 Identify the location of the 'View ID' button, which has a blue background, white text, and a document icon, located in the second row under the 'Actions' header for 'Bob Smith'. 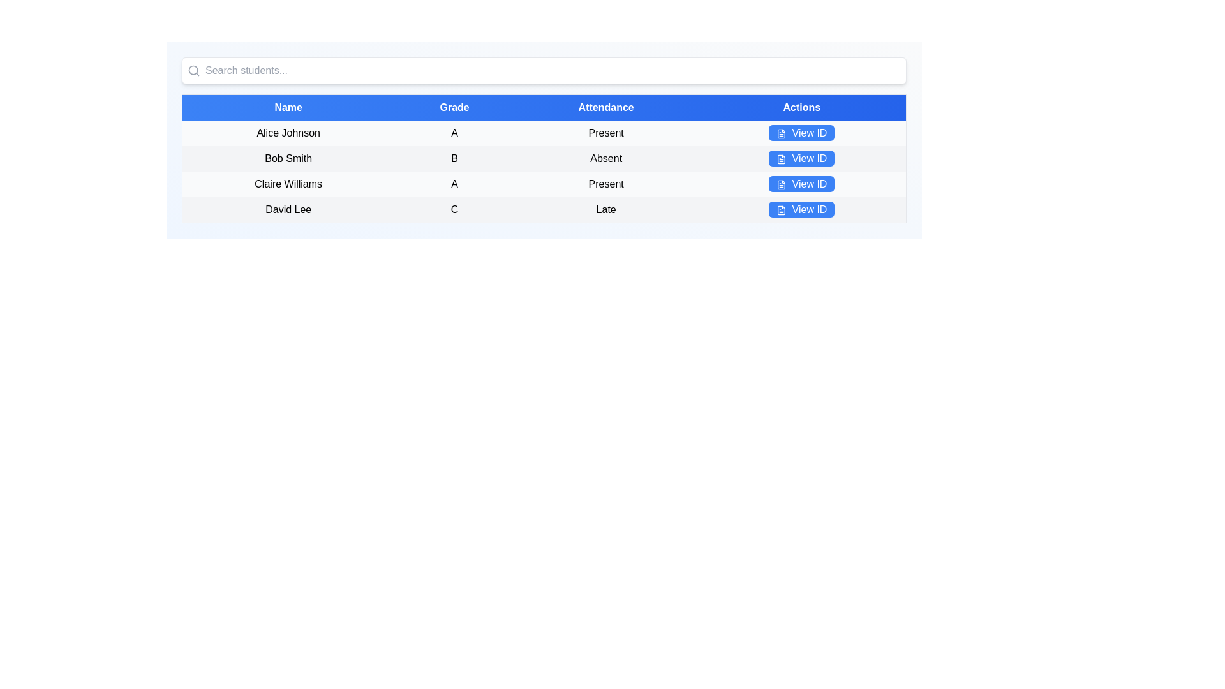
(801, 158).